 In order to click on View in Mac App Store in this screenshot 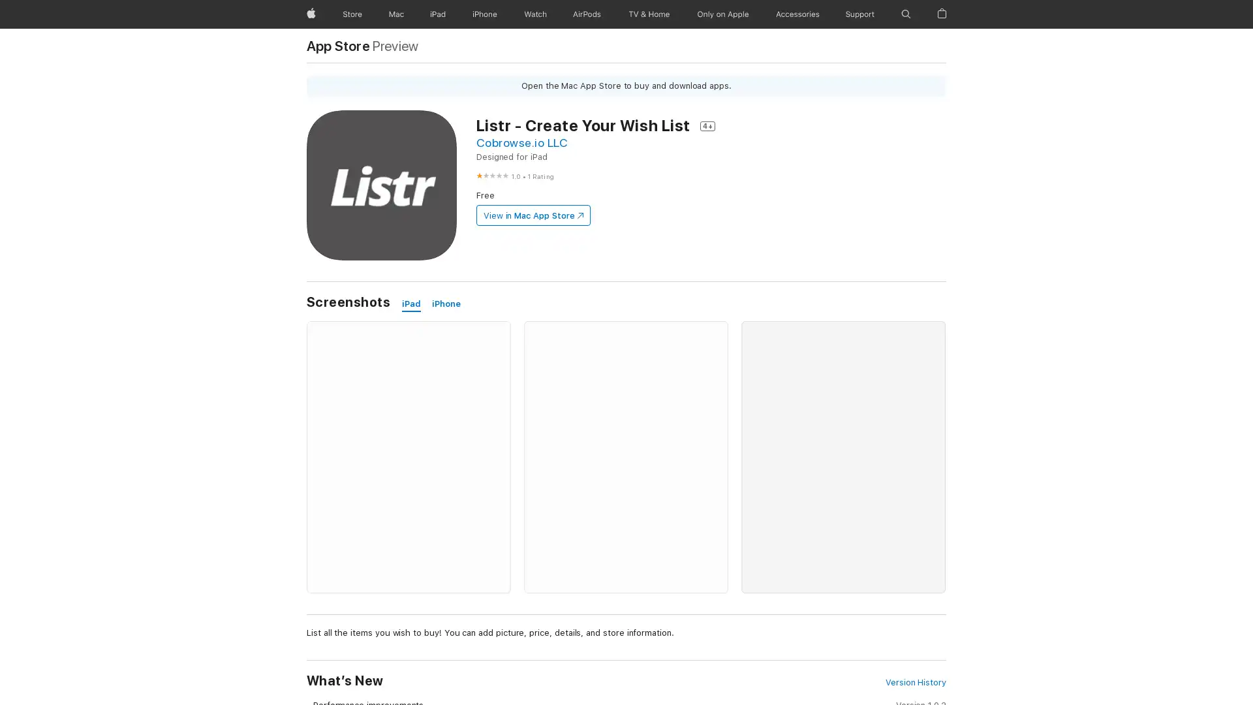, I will do `click(533, 215)`.